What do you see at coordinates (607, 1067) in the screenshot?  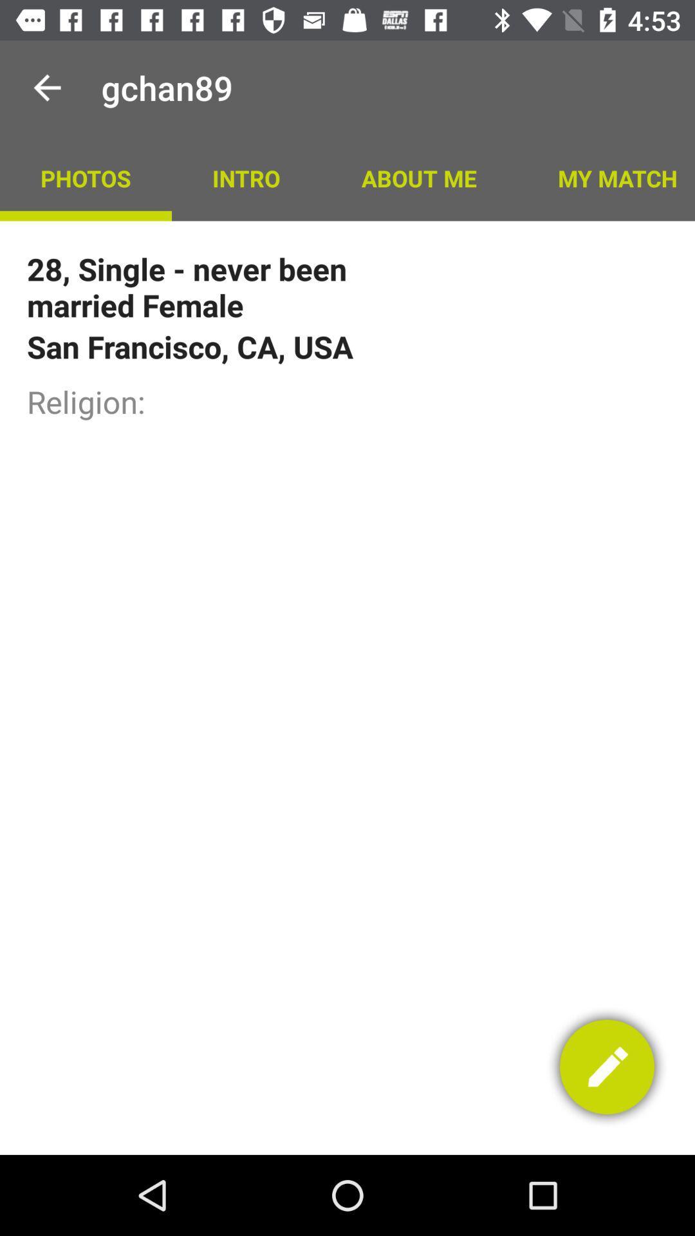 I see `app below my match icon` at bounding box center [607, 1067].